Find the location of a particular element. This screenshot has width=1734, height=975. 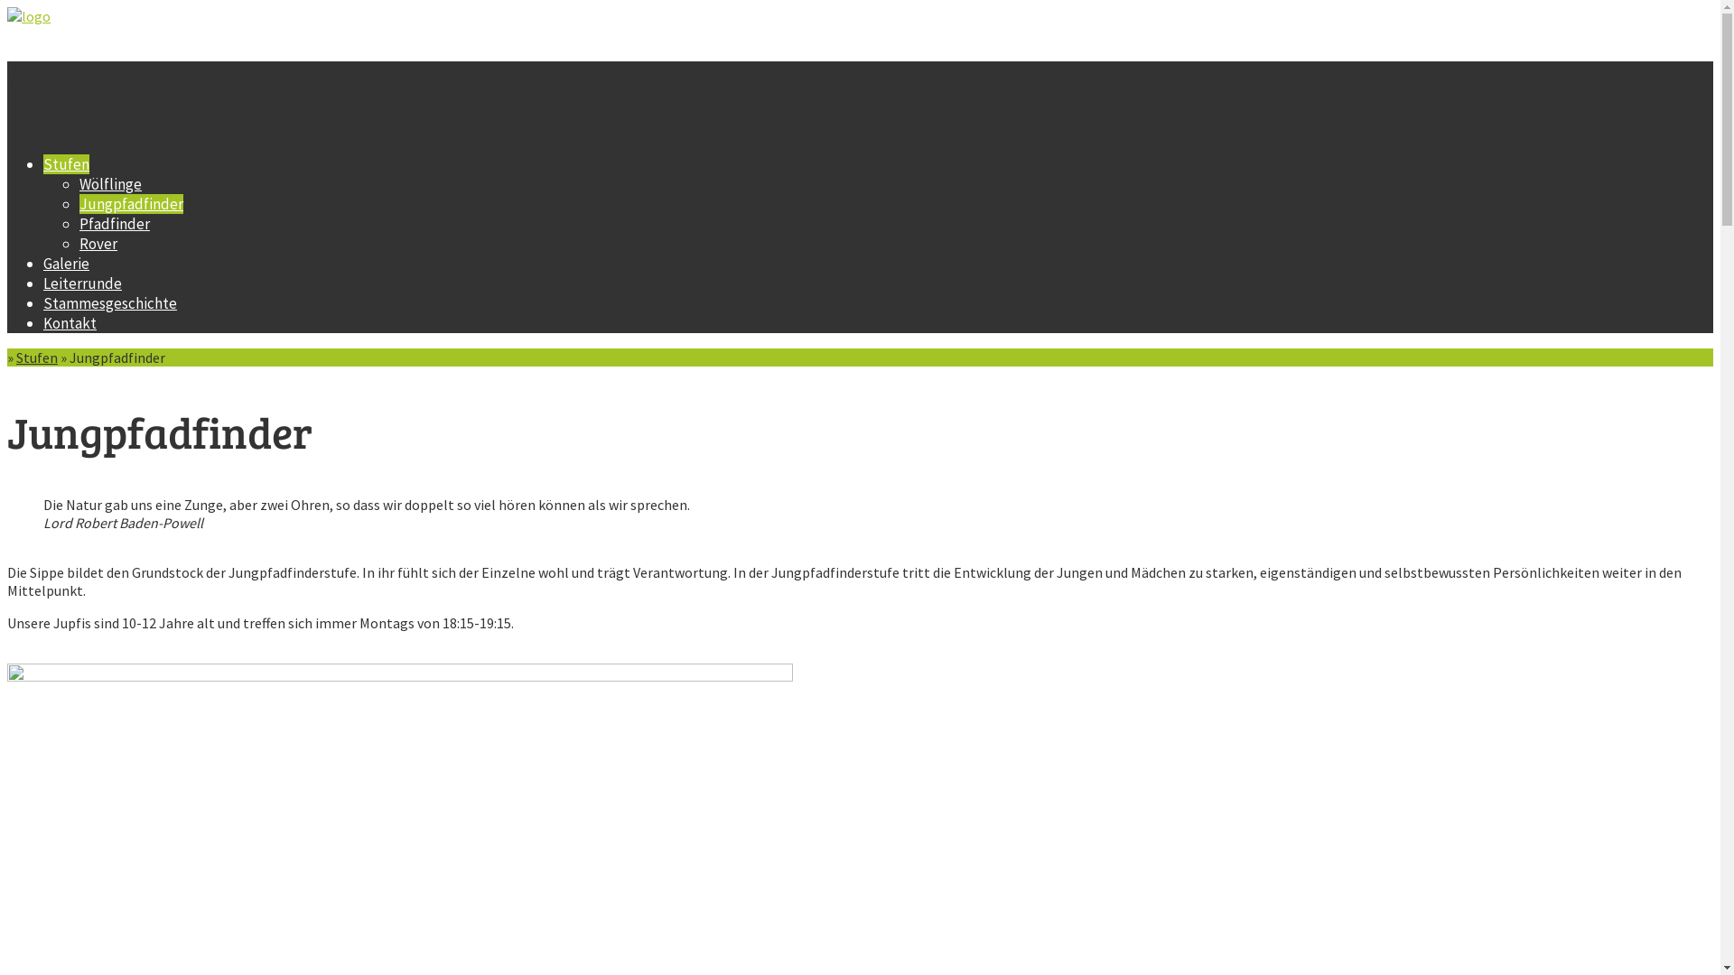

'Stufen' is located at coordinates (37, 357).